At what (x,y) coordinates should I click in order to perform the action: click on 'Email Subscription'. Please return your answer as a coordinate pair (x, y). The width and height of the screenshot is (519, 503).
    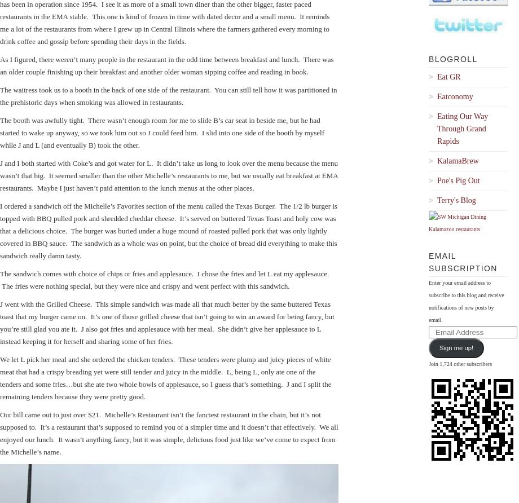
    Looking at the image, I should click on (462, 262).